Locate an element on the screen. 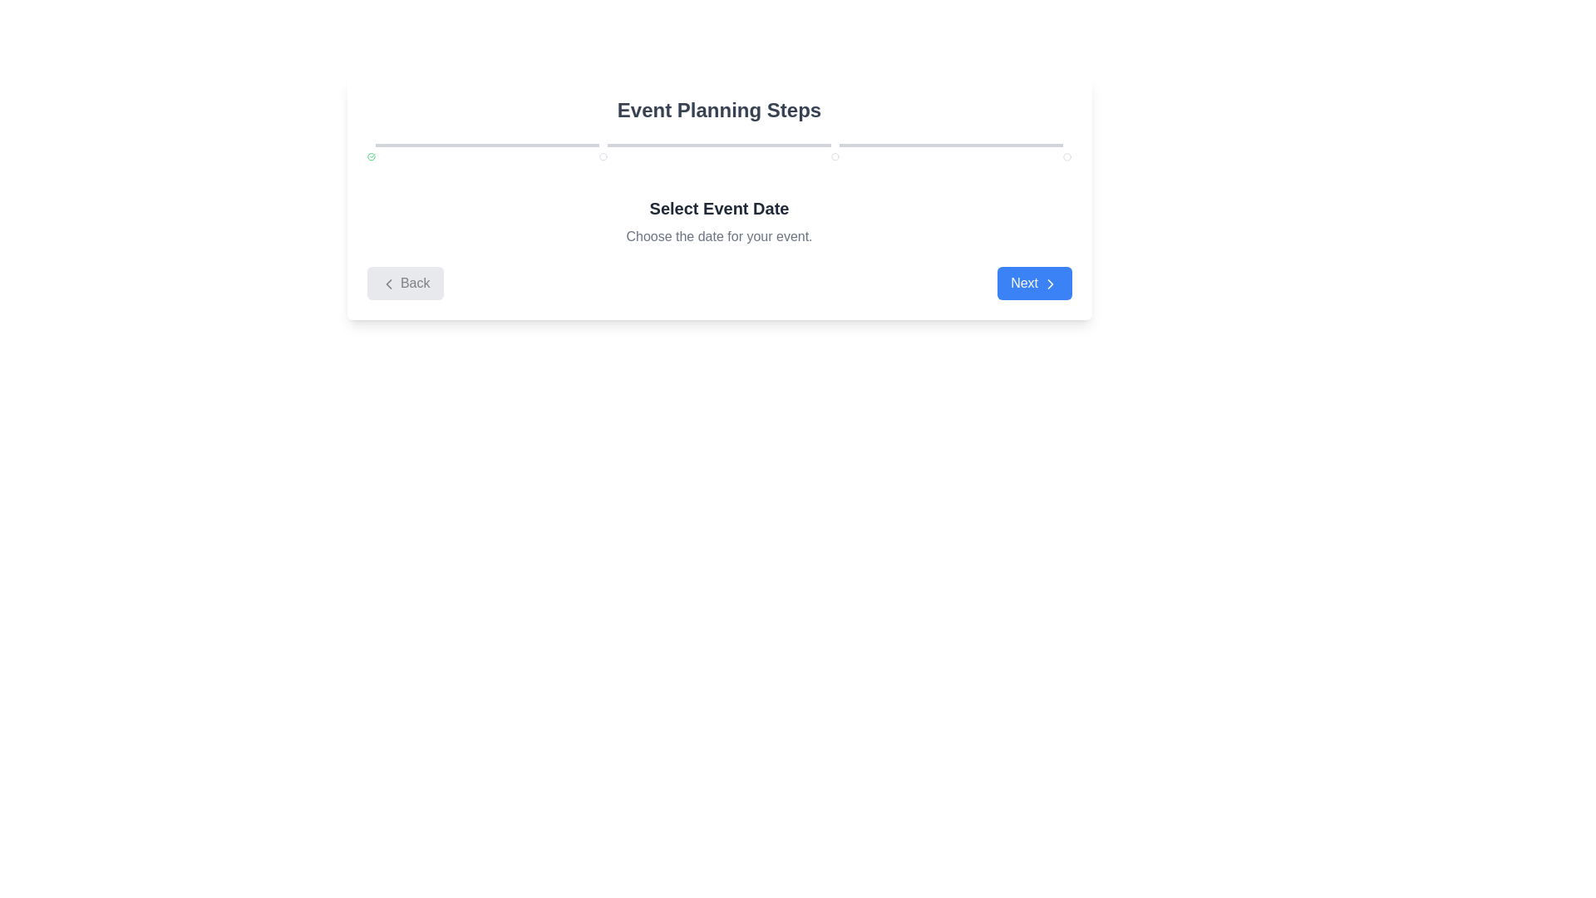 The width and height of the screenshot is (1596, 898). the green circular icon with a checkmark inside, which is the first icon in a sequence of four icons representing progress at the top of the interface is located at coordinates (370, 157).